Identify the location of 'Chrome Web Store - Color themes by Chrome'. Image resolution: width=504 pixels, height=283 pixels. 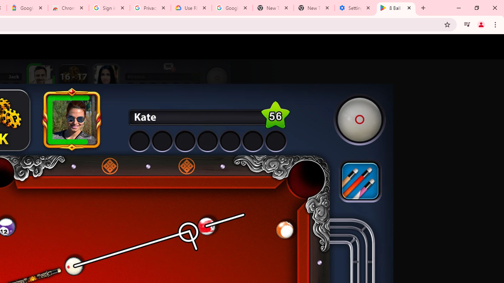
(69, 8).